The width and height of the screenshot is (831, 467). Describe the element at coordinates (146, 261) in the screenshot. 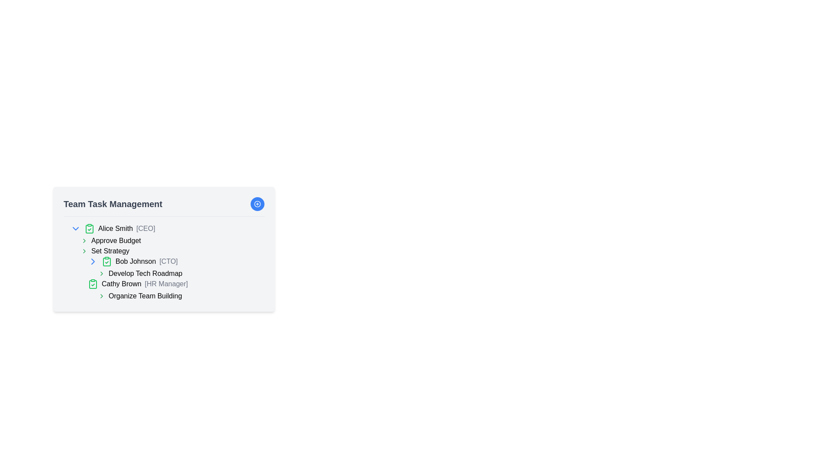

I see `the label displaying 'Bob Johnson [CTO]', which is the third item in the list under 'Set Strategy', located to the right of a green checkmark icon` at that location.